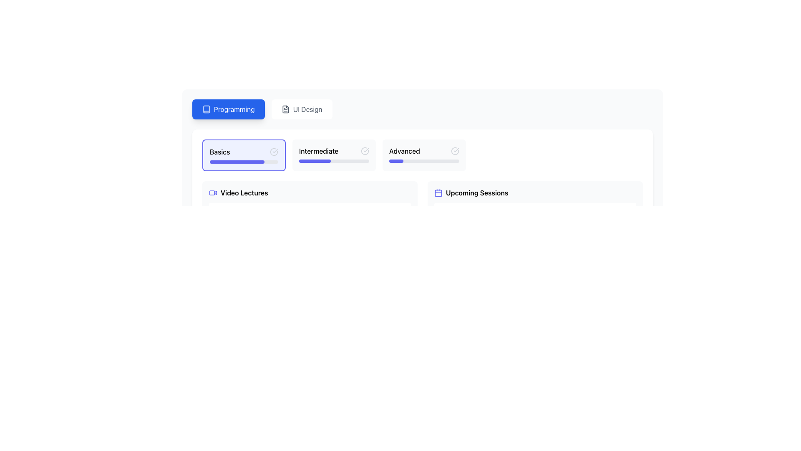  Describe the element at coordinates (454, 151) in the screenshot. I see `the gray circle icon with a checkmark inside located in the 'Advanced' section, positioned to the right of the section's title` at that location.